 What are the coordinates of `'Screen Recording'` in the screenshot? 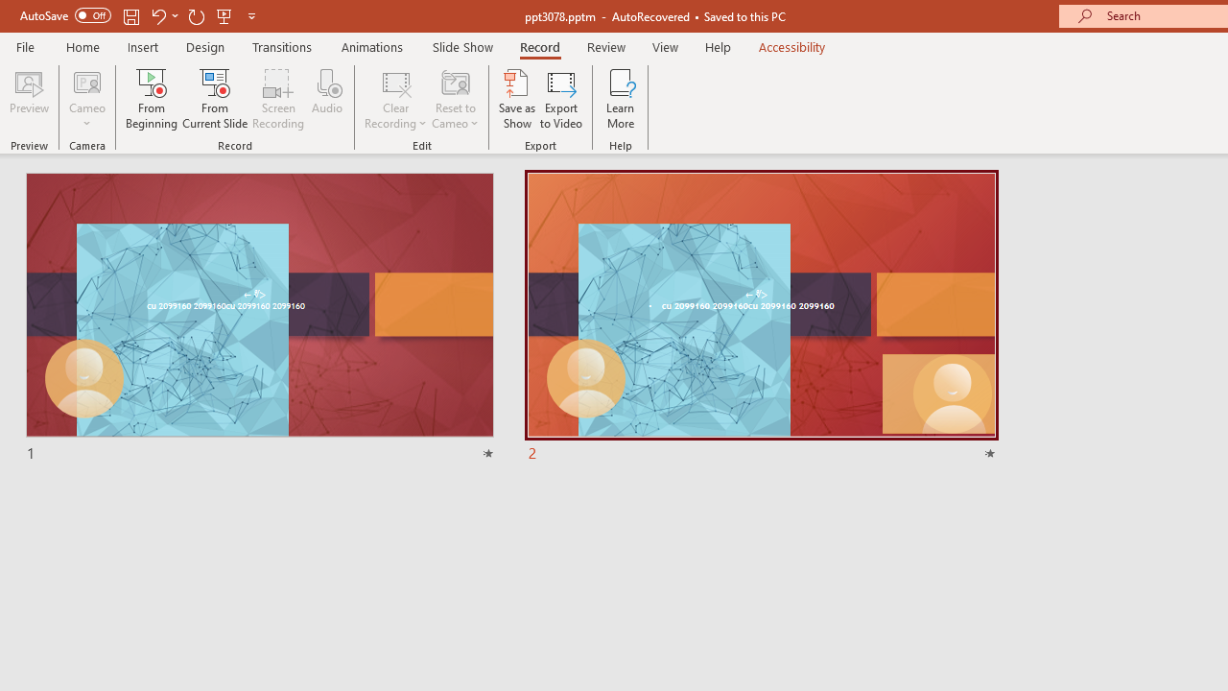 It's located at (277, 99).